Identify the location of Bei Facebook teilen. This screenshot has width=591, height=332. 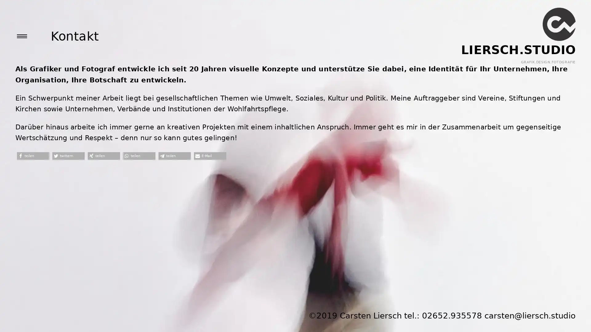
(33, 231).